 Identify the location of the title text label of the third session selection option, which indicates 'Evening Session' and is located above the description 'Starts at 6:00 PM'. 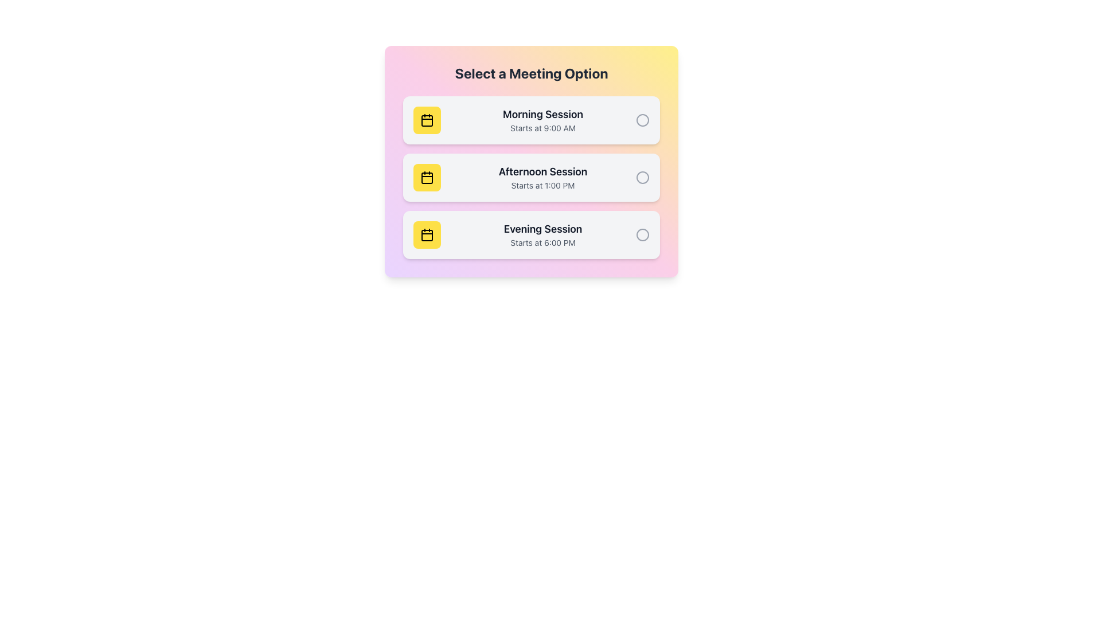
(542, 229).